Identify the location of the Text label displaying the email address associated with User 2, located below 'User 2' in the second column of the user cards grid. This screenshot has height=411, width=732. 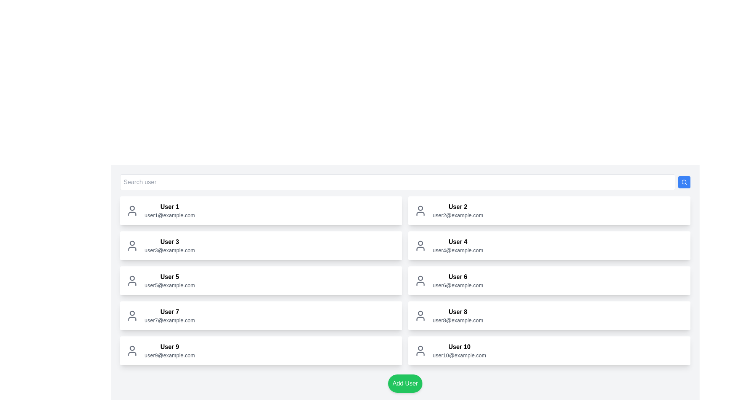
(457, 215).